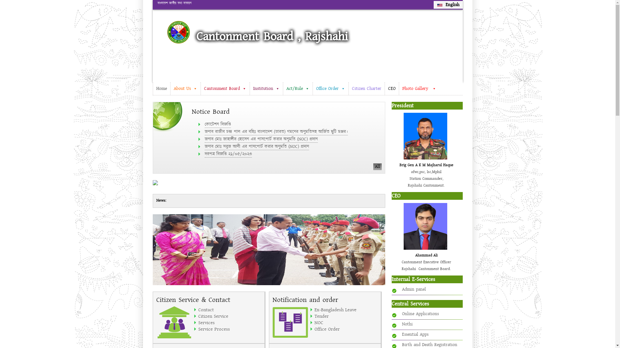 Image resolution: width=620 pixels, height=348 pixels. I want to click on 'Services', so click(198, 323).